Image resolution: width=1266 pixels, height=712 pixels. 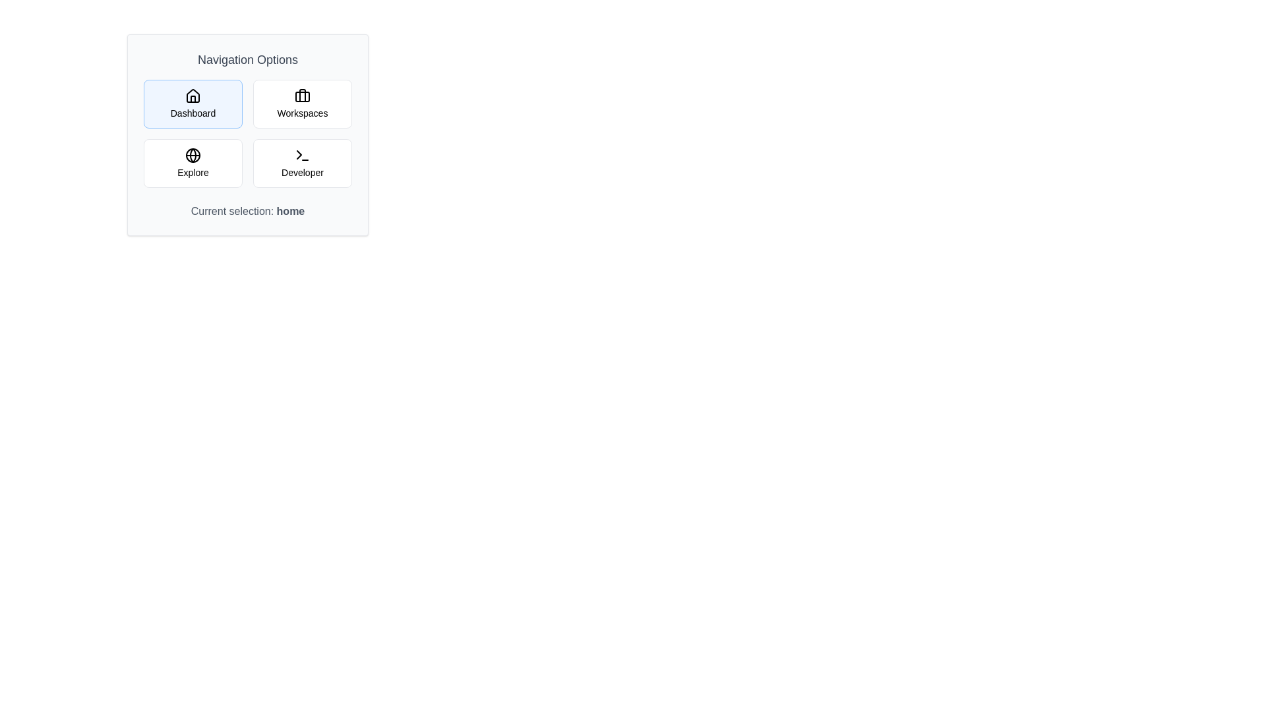 I want to click on the Explore navigation option to select it, so click(x=192, y=162).